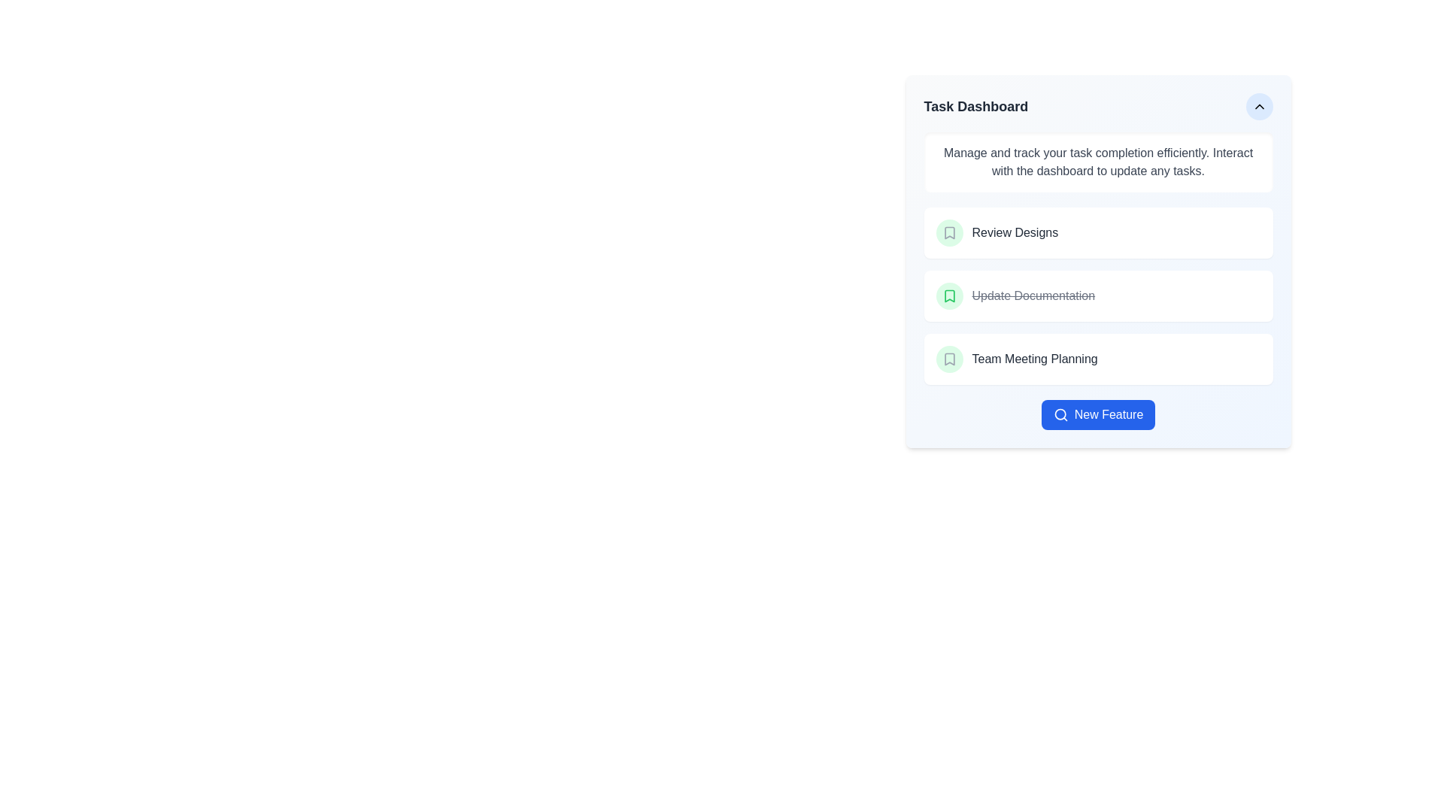 Image resolution: width=1444 pixels, height=812 pixels. Describe the element at coordinates (975, 106) in the screenshot. I see `the bold heading 'Task Dashboard' styled in a large font size and dark gray color, located prominently at the top of the content panel` at that location.